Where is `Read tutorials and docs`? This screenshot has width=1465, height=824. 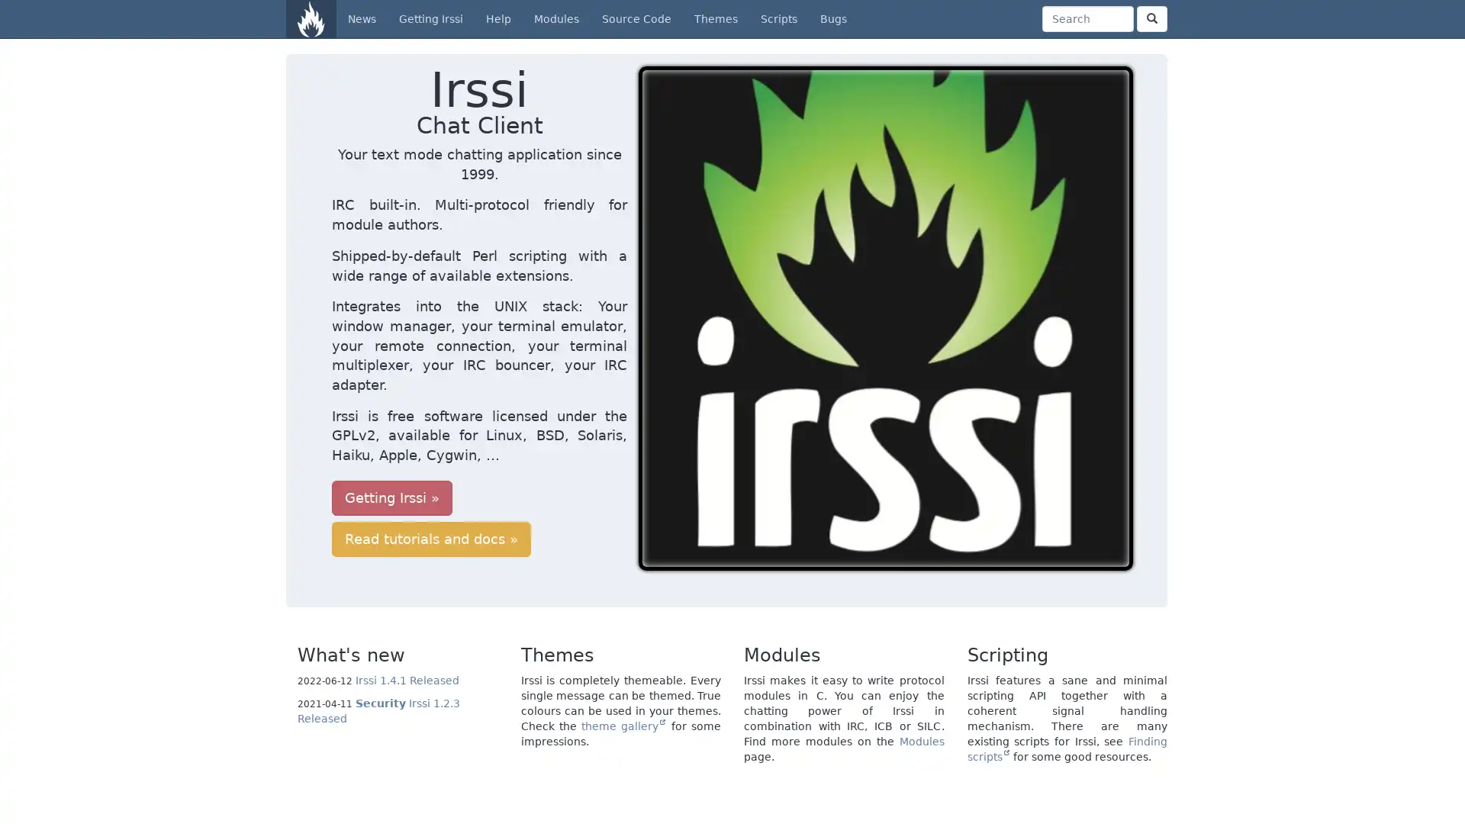
Read tutorials and docs is located at coordinates (555, 438).